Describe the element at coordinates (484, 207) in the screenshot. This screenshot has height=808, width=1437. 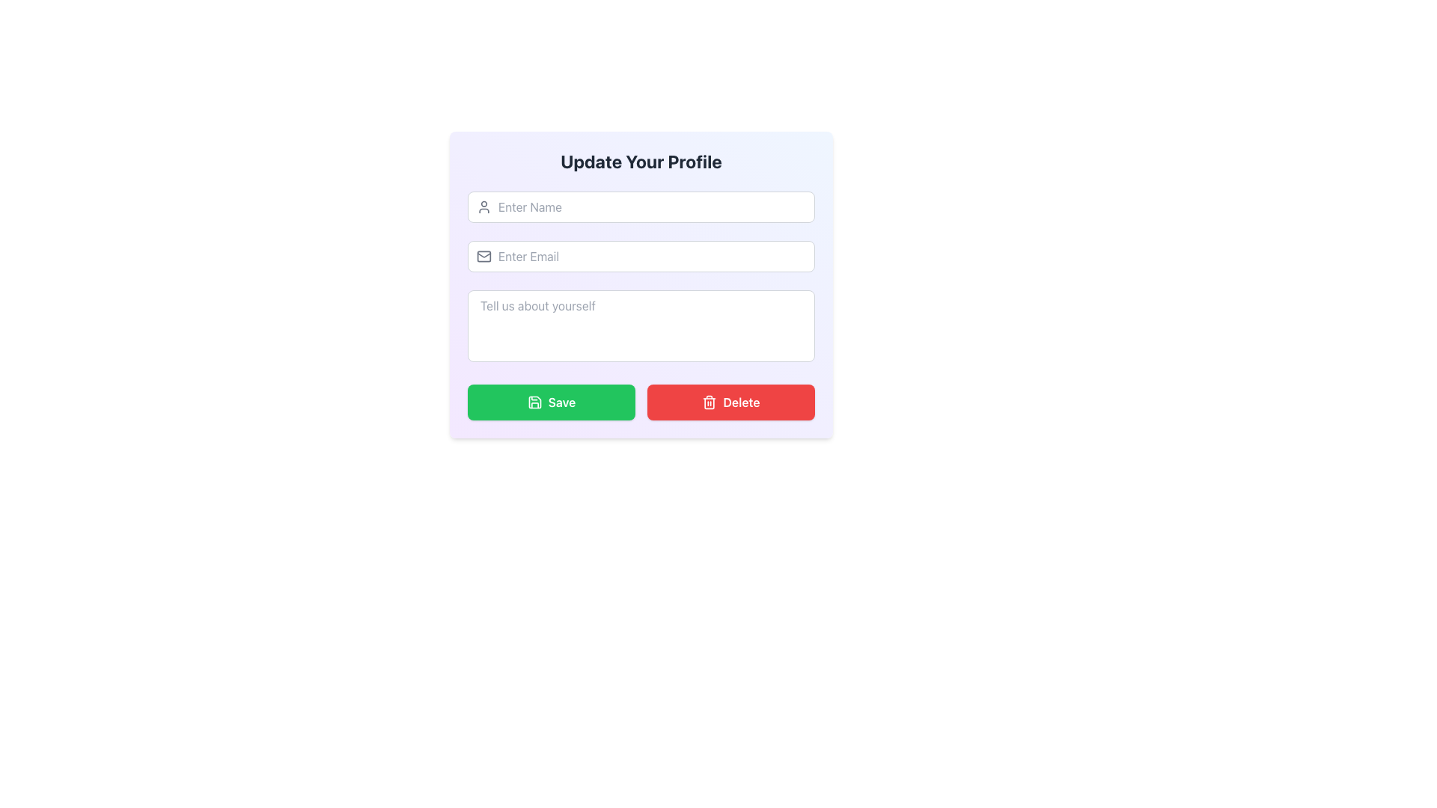
I see `the decorative SVG icon located at the leftmost part of the name input field in the 'Update Your Profile' form` at that location.